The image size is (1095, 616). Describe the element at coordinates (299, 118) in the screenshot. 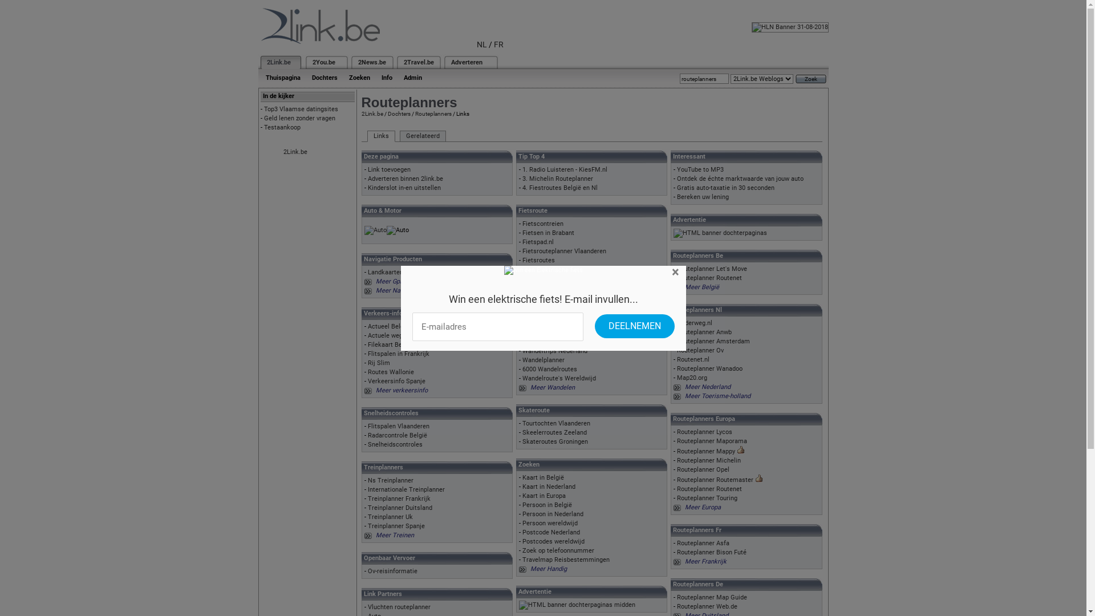

I see `'Geld lenen zonder vragen'` at that location.